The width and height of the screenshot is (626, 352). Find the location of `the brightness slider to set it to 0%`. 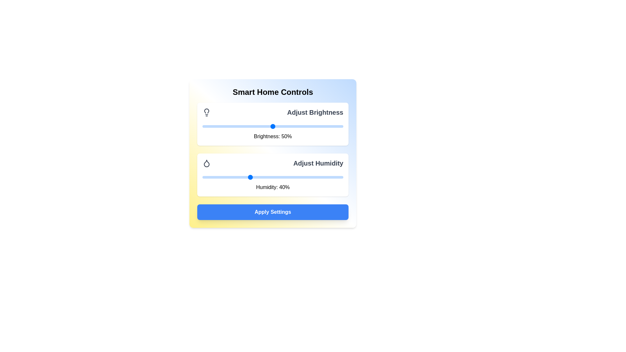

the brightness slider to set it to 0% is located at coordinates (202, 126).